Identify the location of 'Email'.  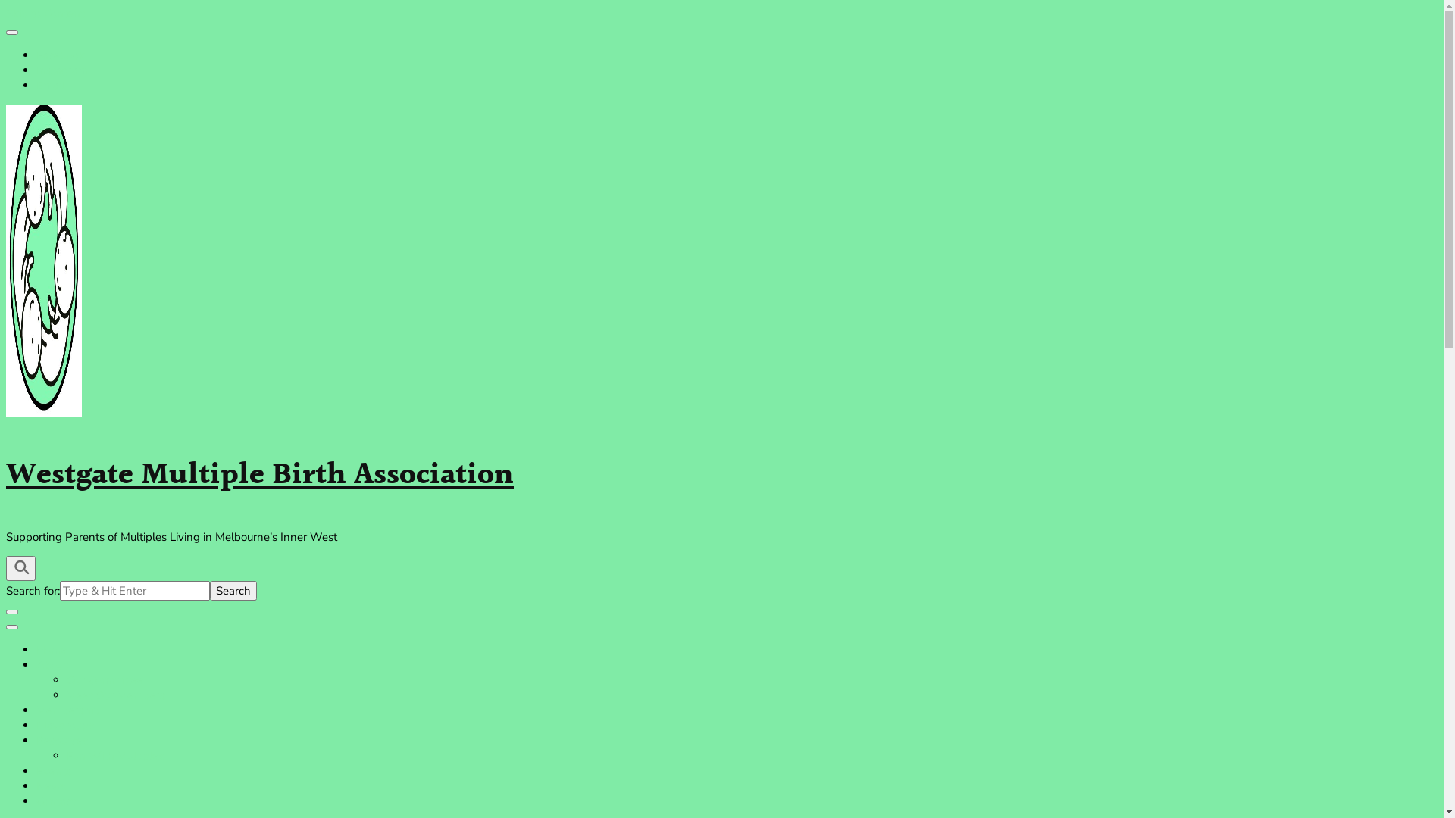
(50, 85).